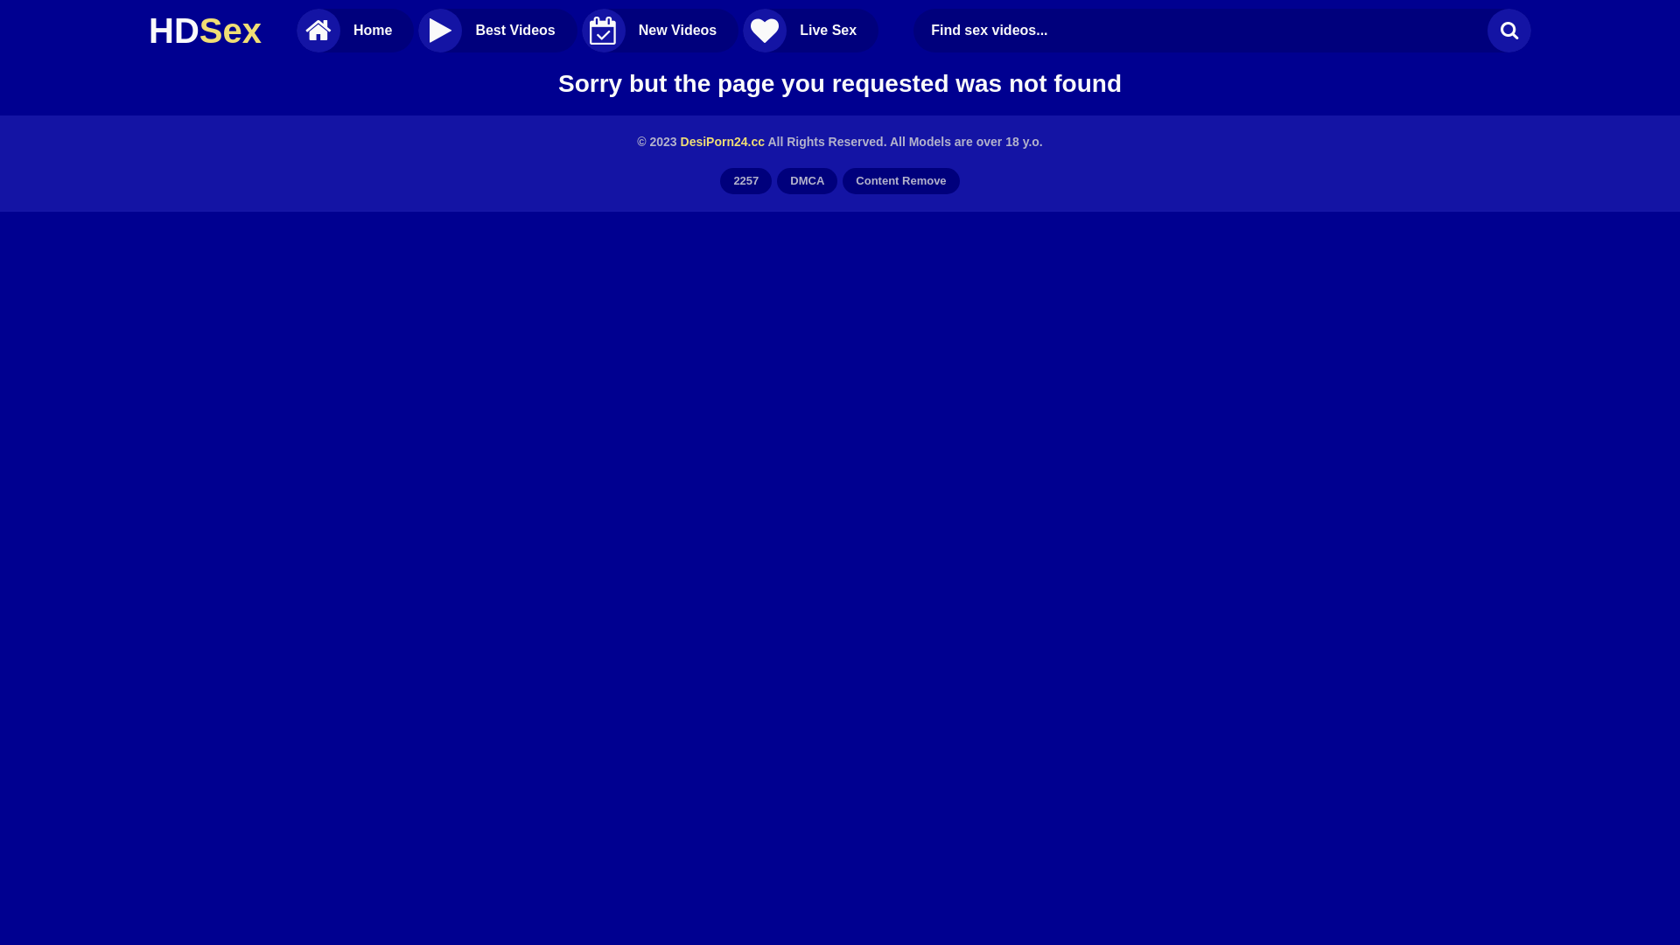 The width and height of the screenshot is (1680, 945). What do you see at coordinates (806, 181) in the screenshot?
I see `'DMCA'` at bounding box center [806, 181].